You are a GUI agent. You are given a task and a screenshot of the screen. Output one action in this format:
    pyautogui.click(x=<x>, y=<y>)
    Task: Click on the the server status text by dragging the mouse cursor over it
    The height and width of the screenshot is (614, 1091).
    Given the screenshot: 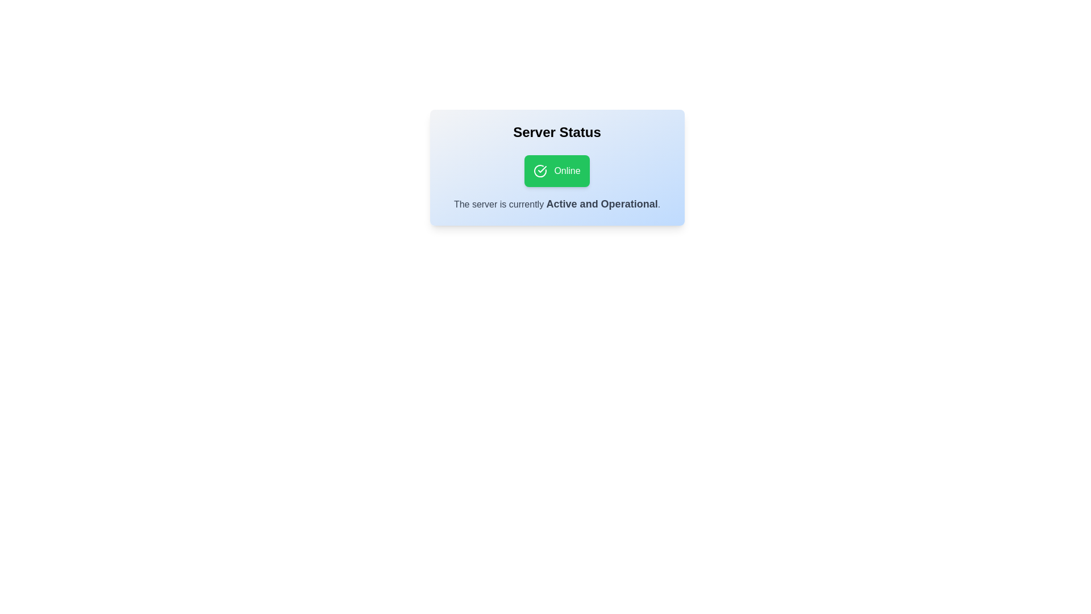 What is the action you would take?
    pyautogui.click(x=443, y=195)
    